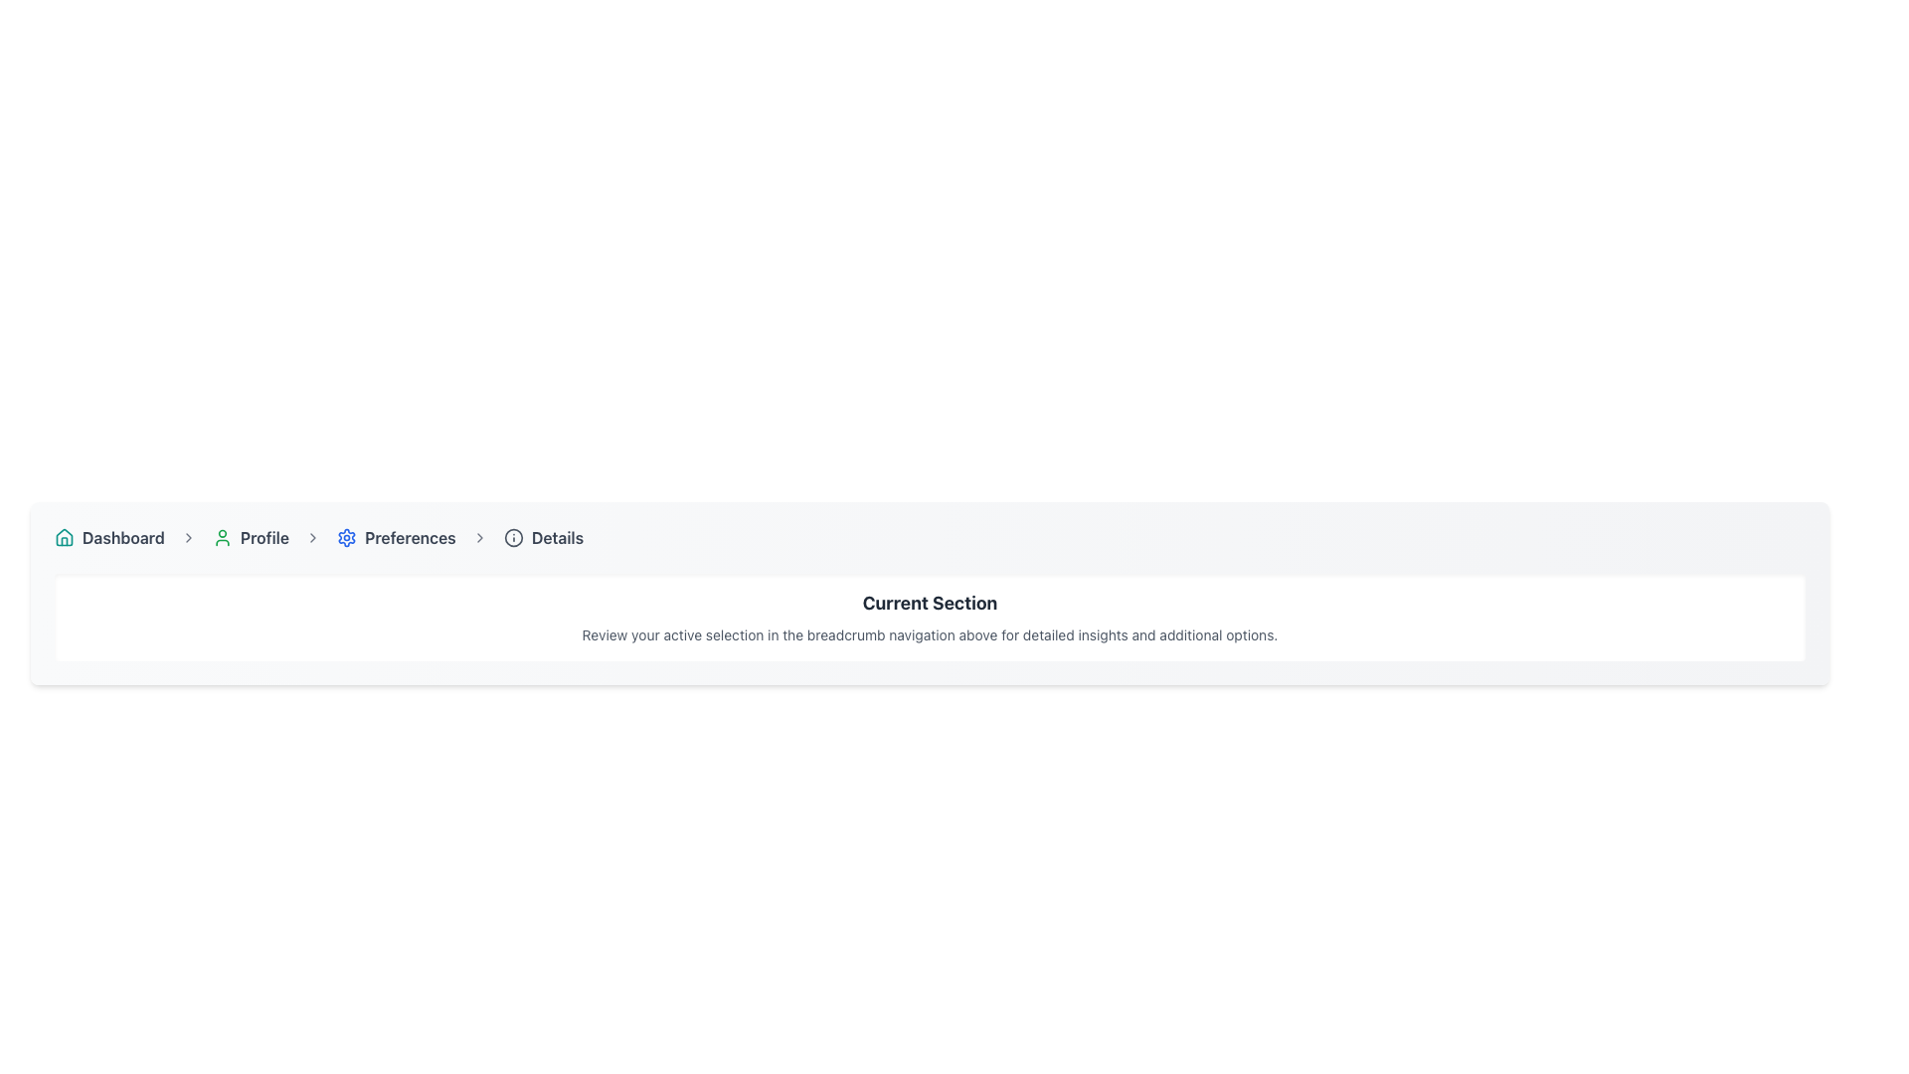  Describe the element at coordinates (557, 537) in the screenshot. I see `text displayed on the visual label located at the far right of the breadcrumb navigation bar, next to the information icon` at that location.